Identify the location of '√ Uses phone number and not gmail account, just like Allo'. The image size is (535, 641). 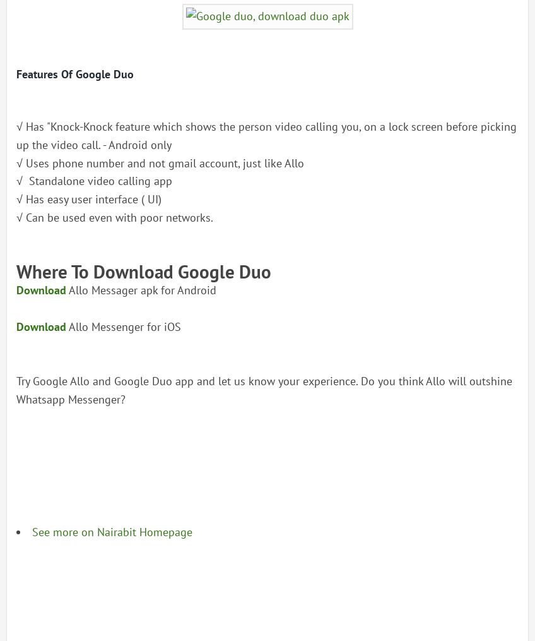
(159, 162).